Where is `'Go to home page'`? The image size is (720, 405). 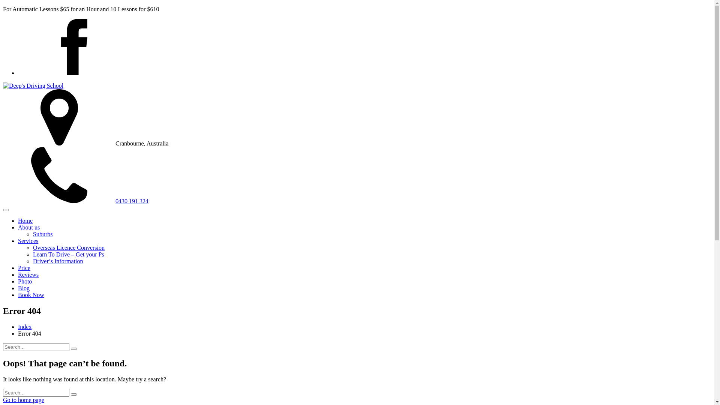
'Go to home page' is located at coordinates (3, 399).